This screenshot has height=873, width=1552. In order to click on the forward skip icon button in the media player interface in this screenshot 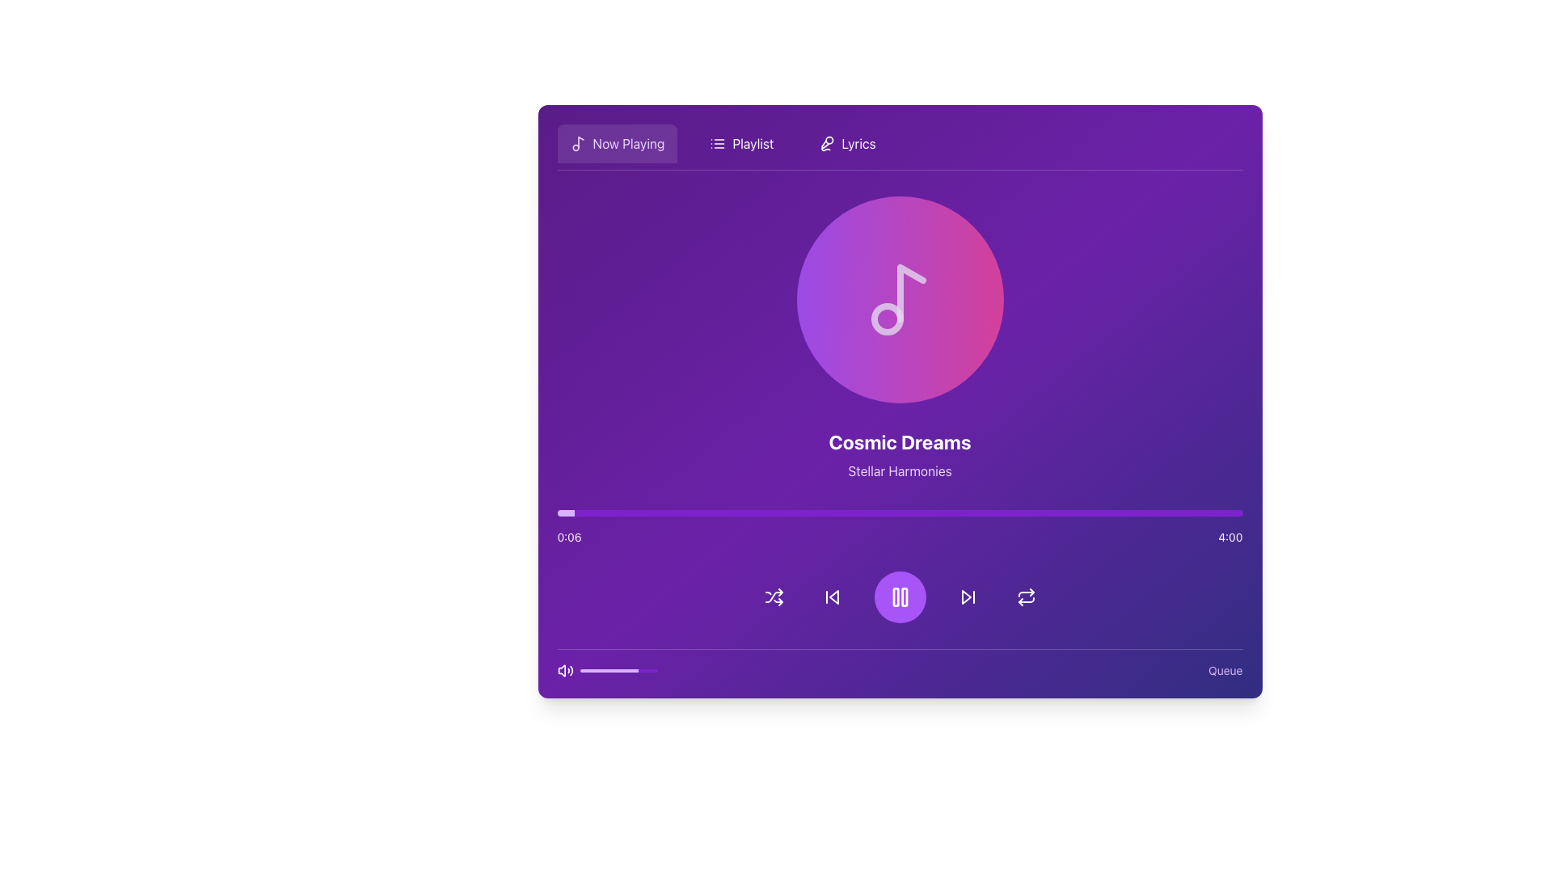, I will do `click(968, 597)`.